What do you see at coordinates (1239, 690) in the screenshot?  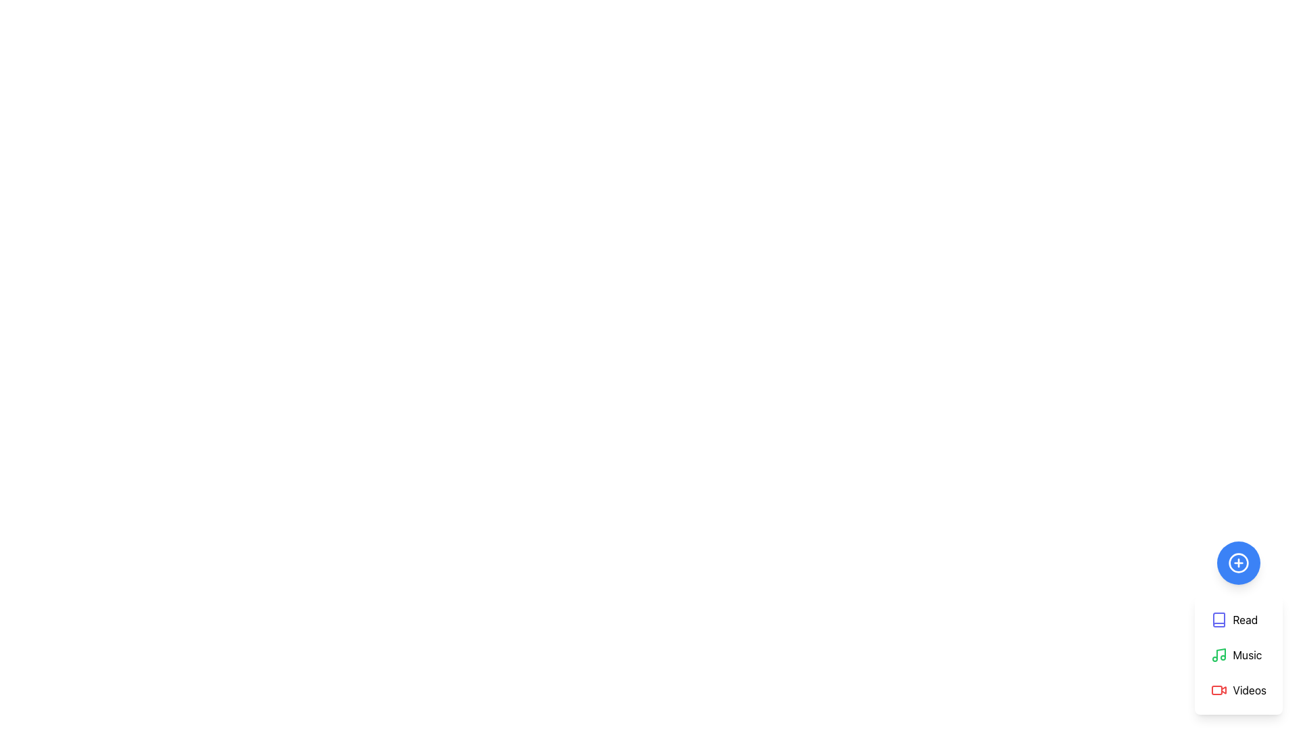 I see `the 'Videos' menu item button, which features a red video camera icon followed by the text 'Videos', located below the 'Music' item in the menu` at bounding box center [1239, 690].